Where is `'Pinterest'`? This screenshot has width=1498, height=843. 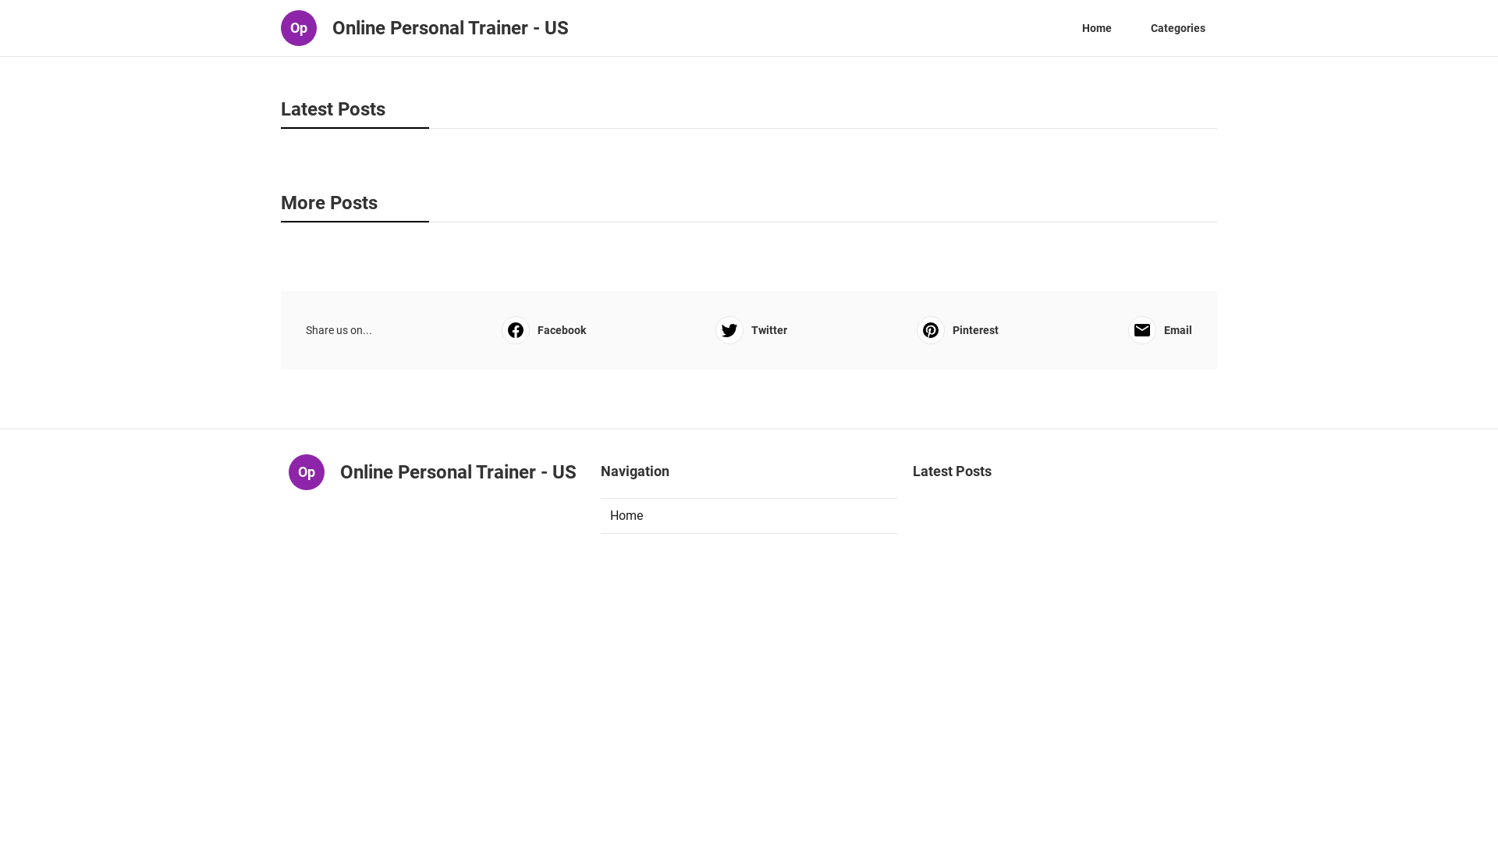
'Pinterest' is located at coordinates (917, 329).